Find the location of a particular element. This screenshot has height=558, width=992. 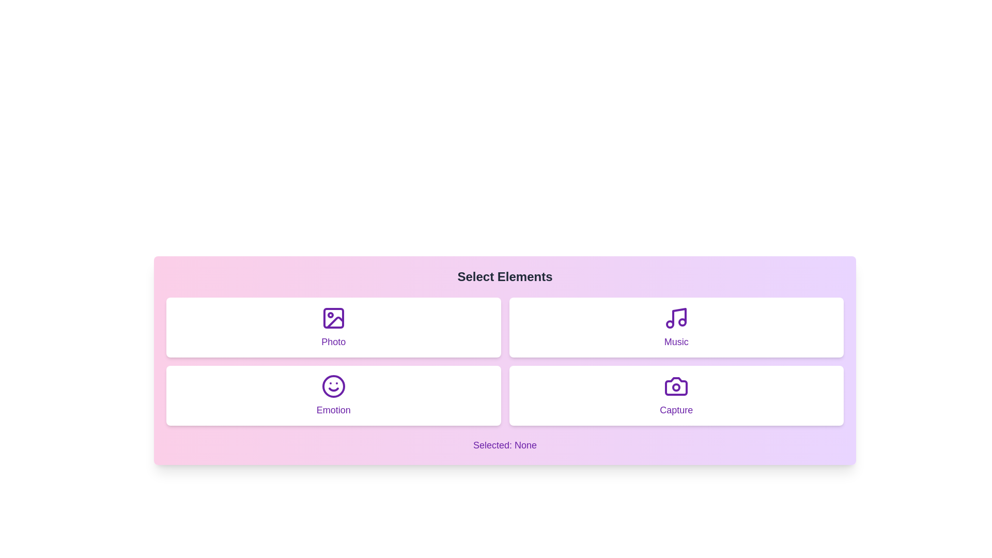

the element labeled Photo is located at coordinates (333, 327).